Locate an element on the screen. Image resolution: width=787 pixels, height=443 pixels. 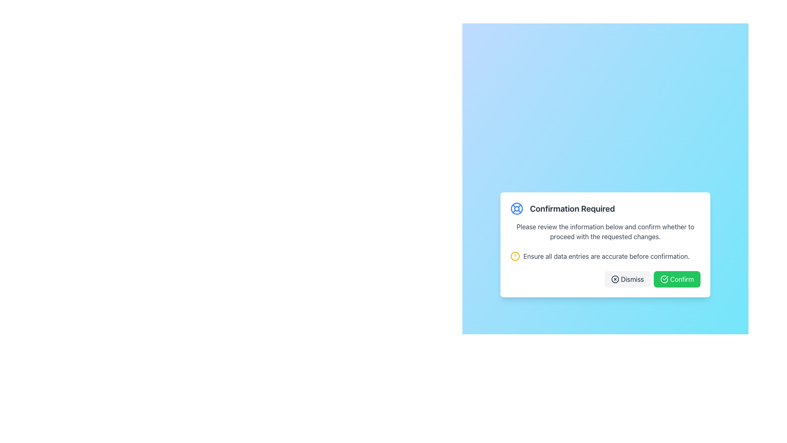
the decorative icon located inside the 'Dismiss' button, which enhances the button's purpose of dismissing the dialog is located at coordinates (615, 279).